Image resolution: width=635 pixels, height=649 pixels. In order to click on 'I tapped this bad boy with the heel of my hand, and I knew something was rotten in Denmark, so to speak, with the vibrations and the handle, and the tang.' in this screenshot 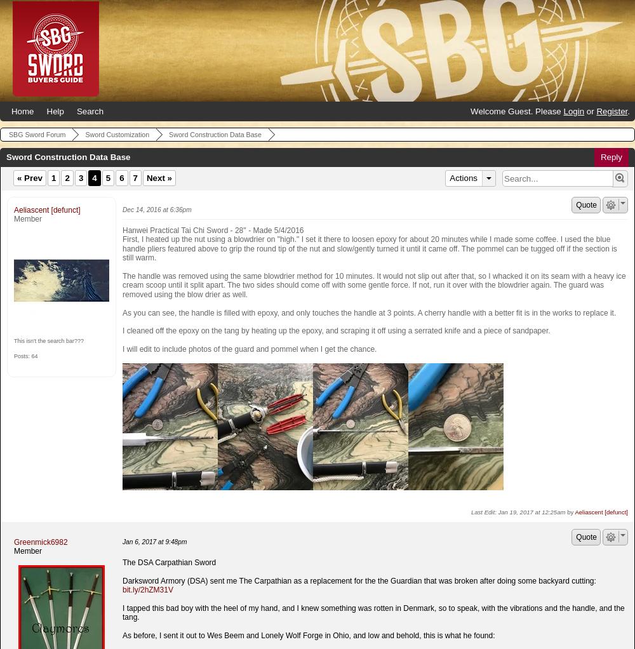, I will do `click(373, 612)`.